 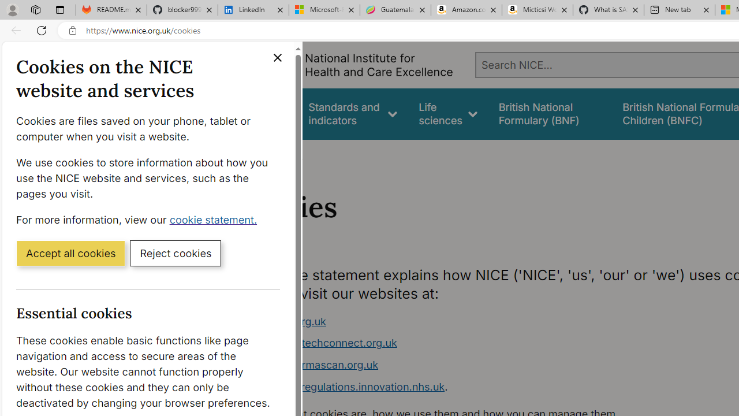 What do you see at coordinates (215, 219) in the screenshot?
I see `'cookie statement. (Opens in a new window)'` at bounding box center [215, 219].